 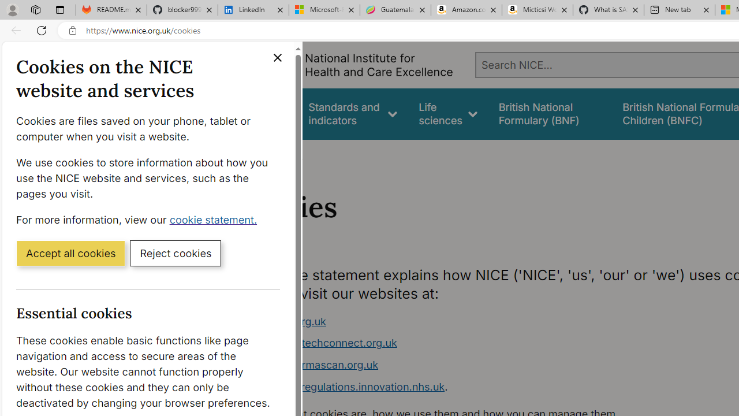 What do you see at coordinates (215, 219) in the screenshot?
I see `'cookie statement. (Opens in a new window)'` at bounding box center [215, 219].